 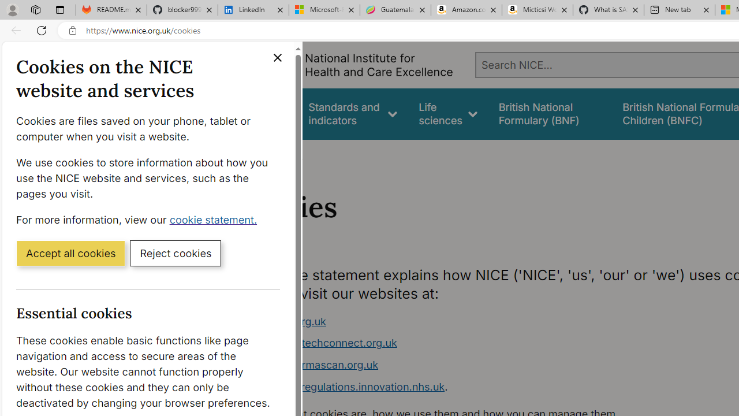 What do you see at coordinates (215, 219) in the screenshot?
I see `'cookie statement. (Opens in a new window)'` at bounding box center [215, 219].